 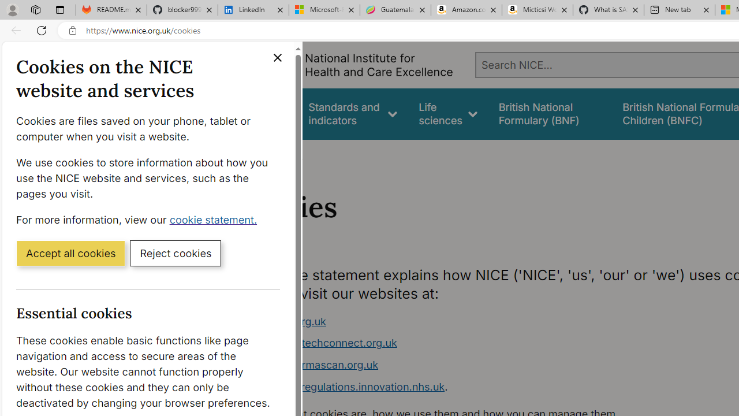 What do you see at coordinates (215, 219) in the screenshot?
I see `'cookie statement. (Opens in a new window)'` at bounding box center [215, 219].